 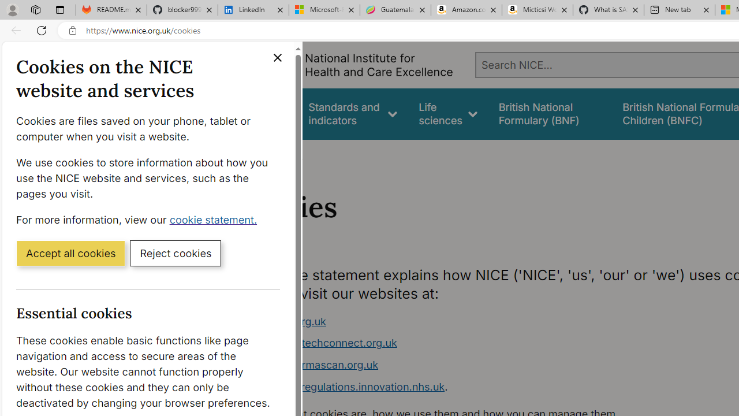 What do you see at coordinates (215, 219) in the screenshot?
I see `'cookie statement. (Opens in a new window)'` at bounding box center [215, 219].